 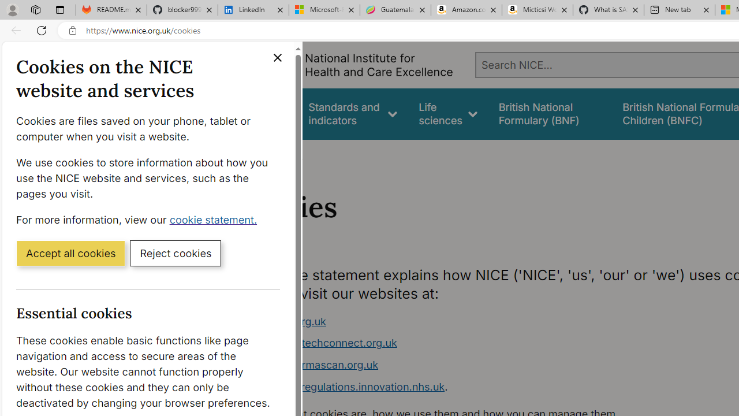 What do you see at coordinates (215, 219) in the screenshot?
I see `'cookie statement. (Opens in a new window)'` at bounding box center [215, 219].